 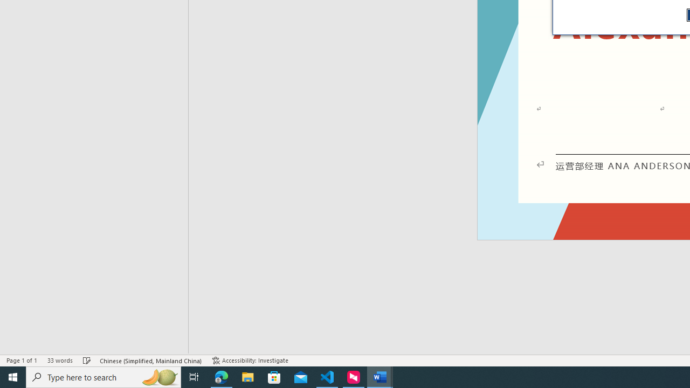 I want to click on 'Task View', so click(x=194, y=376).